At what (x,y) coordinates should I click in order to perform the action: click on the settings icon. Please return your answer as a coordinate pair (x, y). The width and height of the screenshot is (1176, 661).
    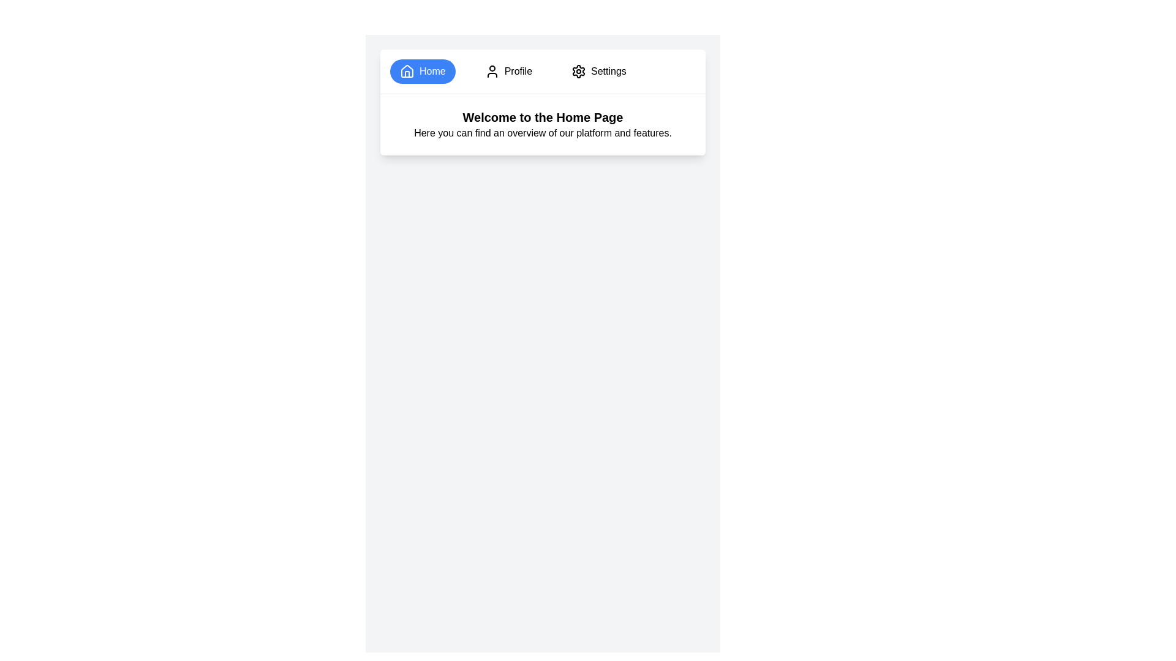
    Looking at the image, I should click on (578, 71).